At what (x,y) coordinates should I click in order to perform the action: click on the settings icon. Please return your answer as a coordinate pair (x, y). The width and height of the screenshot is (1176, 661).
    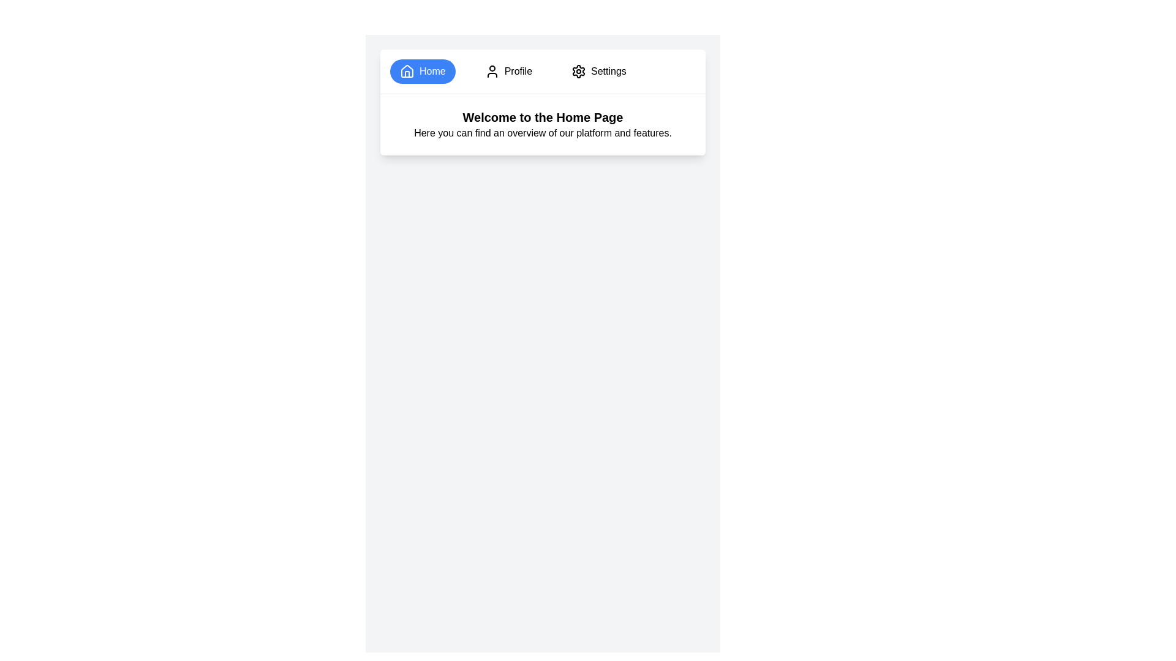
    Looking at the image, I should click on (578, 71).